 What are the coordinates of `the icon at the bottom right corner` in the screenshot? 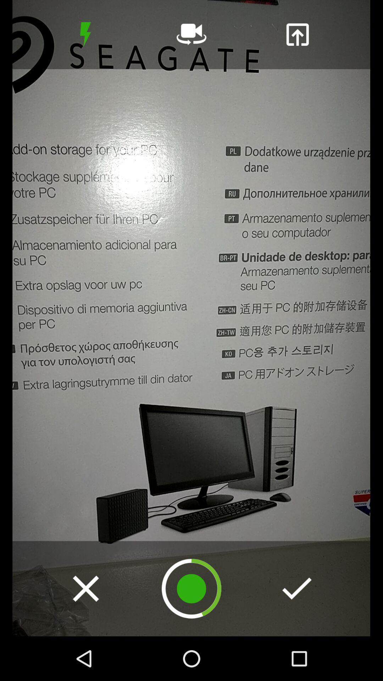 It's located at (297, 588).